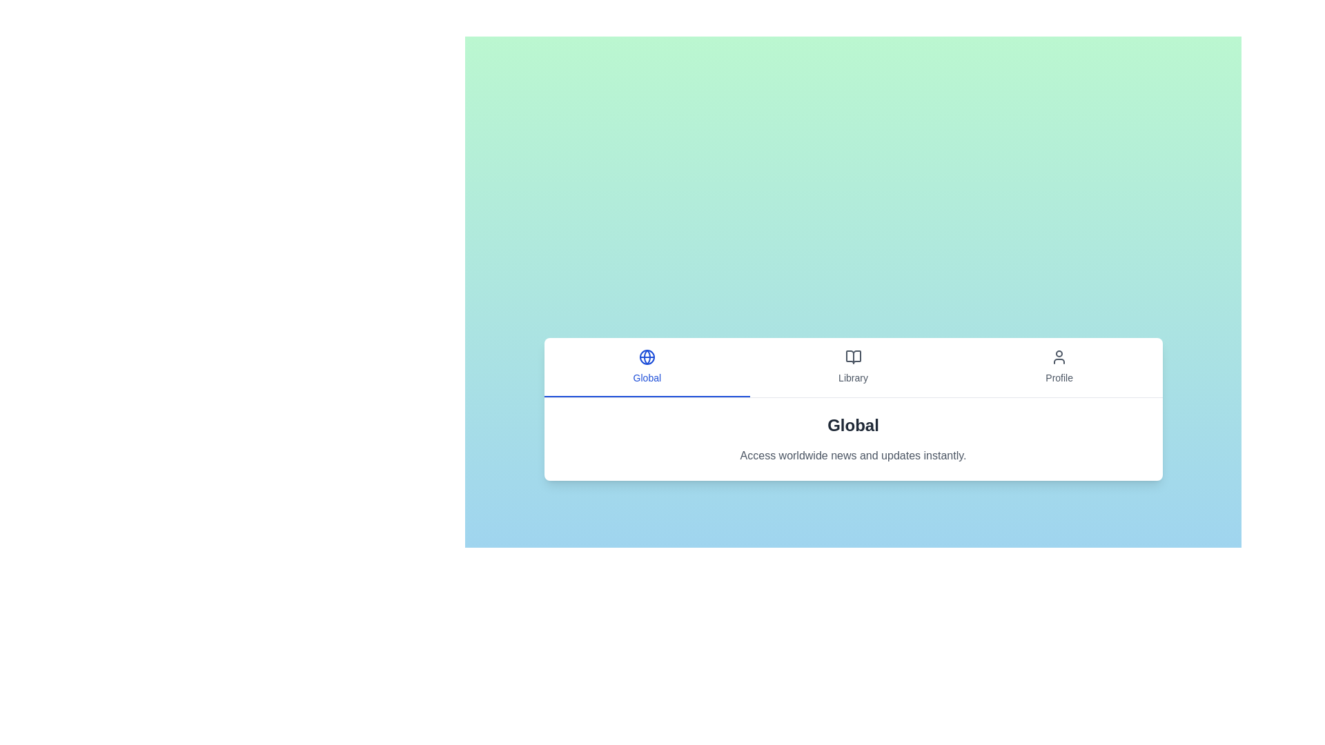 Image resolution: width=1325 pixels, height=745 pixels. Describe the element at coordinates (852, 366) in the screenshot. I see `the tab button corresponding to Library` at that location.